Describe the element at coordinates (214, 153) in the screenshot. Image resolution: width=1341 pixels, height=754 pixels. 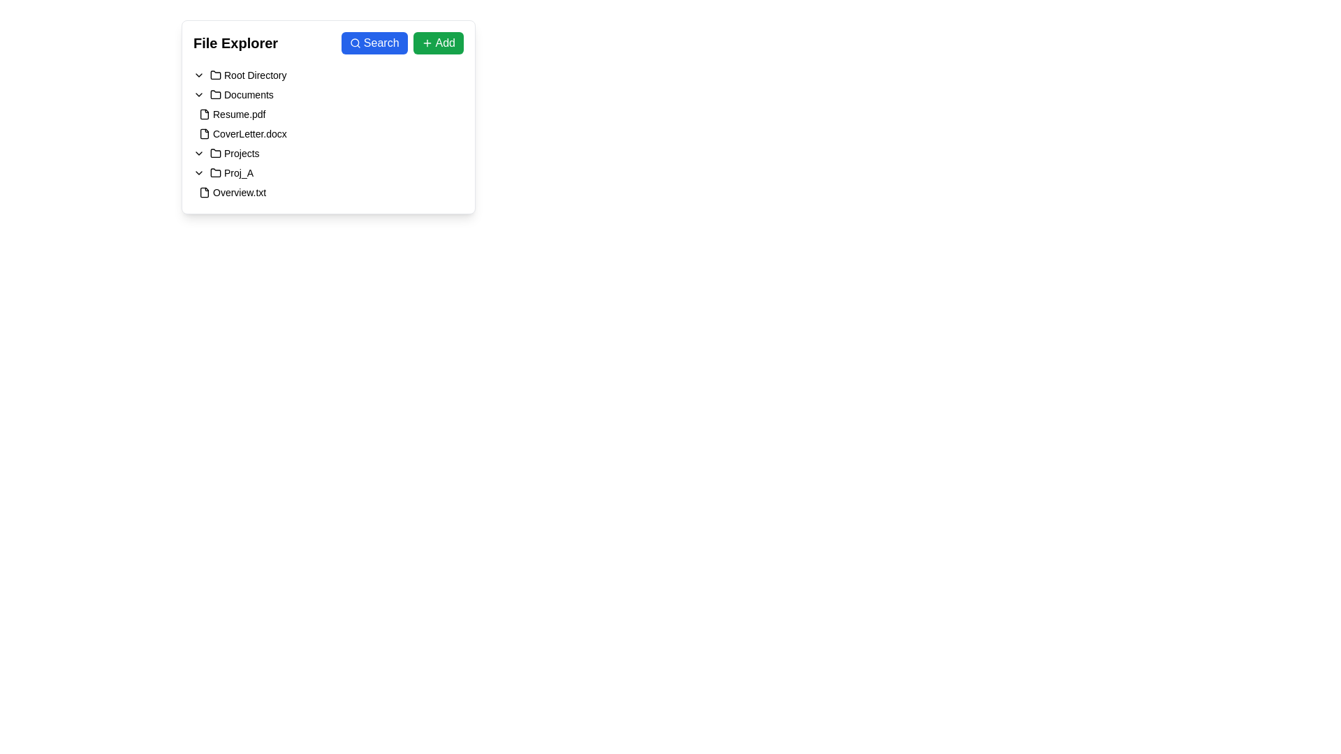
I see `the Folder Icon representing the 'Projects' directory` at that location.